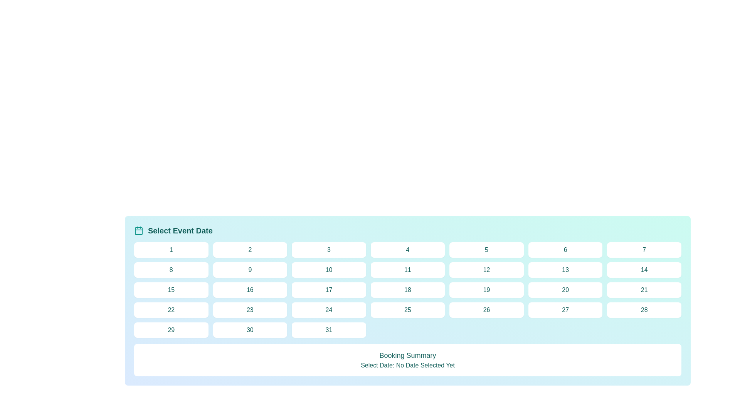 This screenshot has height=416, width=740. Describe the element at coordinates (171, 290) in the screenshot. I see `the button representing a selectable day in the calendar component located in the fourth row's first column` at that location.